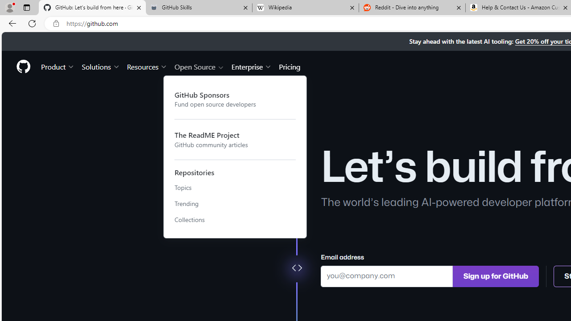  I want to click on 'GitHub Skills', so click(198, 8).